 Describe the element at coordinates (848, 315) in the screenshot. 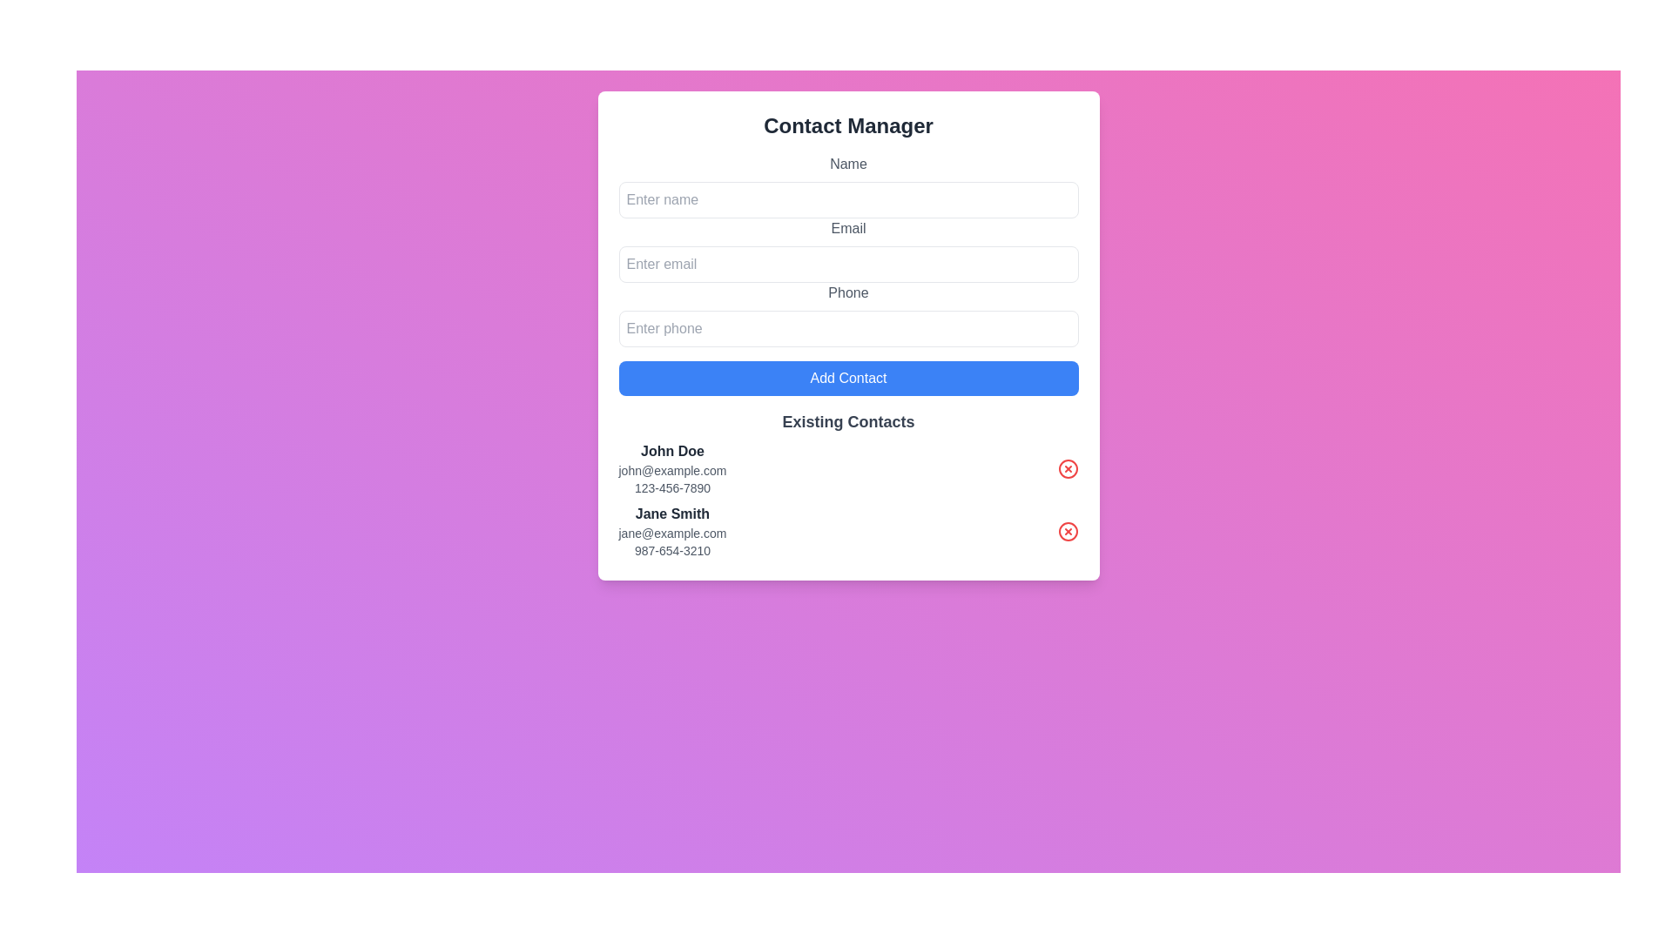

I see `the phone number input field, which is the third input field in the form` at that location.